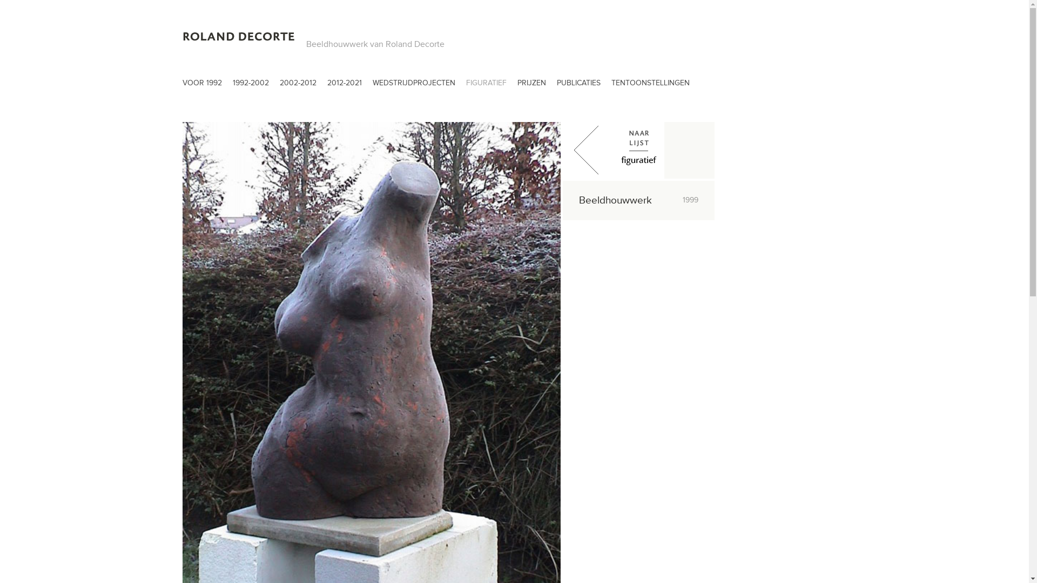  I want to click on 'PRIJZEN', so click(531, 85).